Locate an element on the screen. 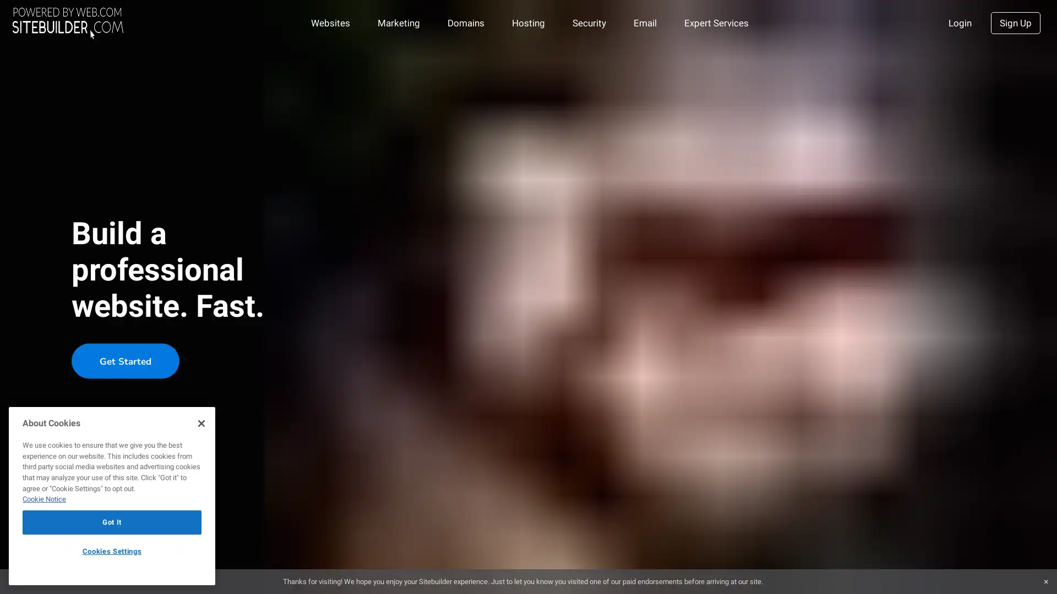 Image resolution: width=1057 pixels, height=594 pixels. Got It is located at coordinates (112, 521).